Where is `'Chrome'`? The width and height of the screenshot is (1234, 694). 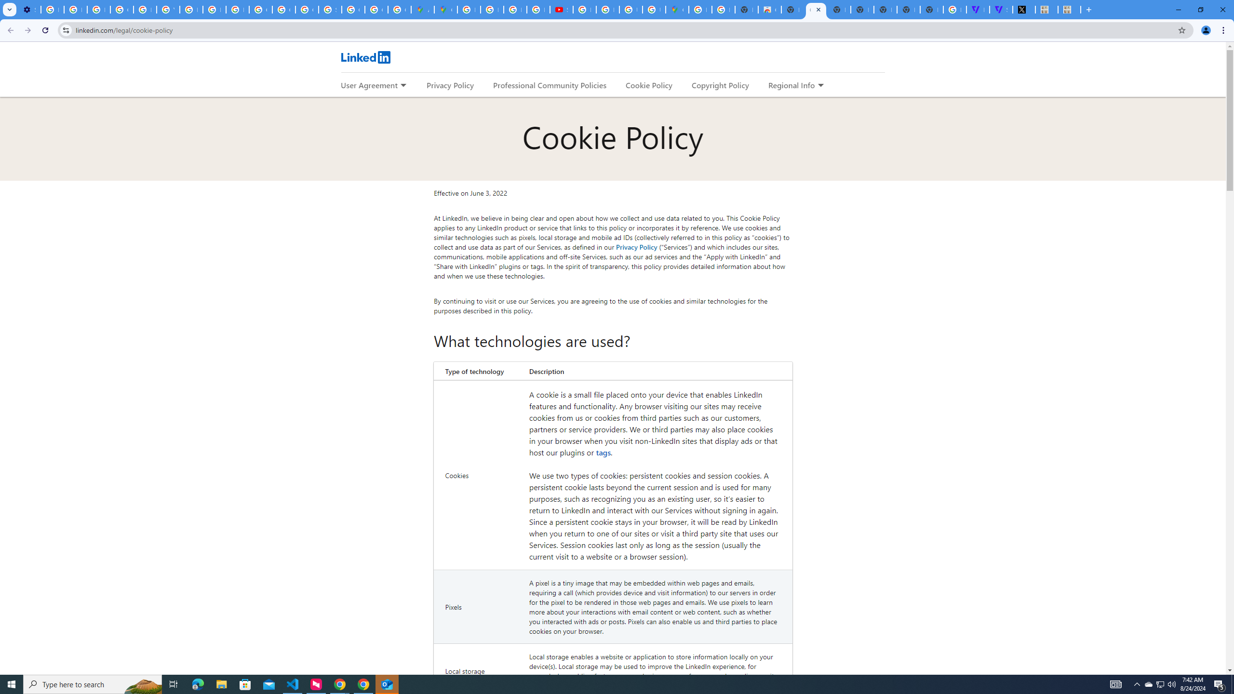
'Chrome' is located at coordinates (1224, 30).